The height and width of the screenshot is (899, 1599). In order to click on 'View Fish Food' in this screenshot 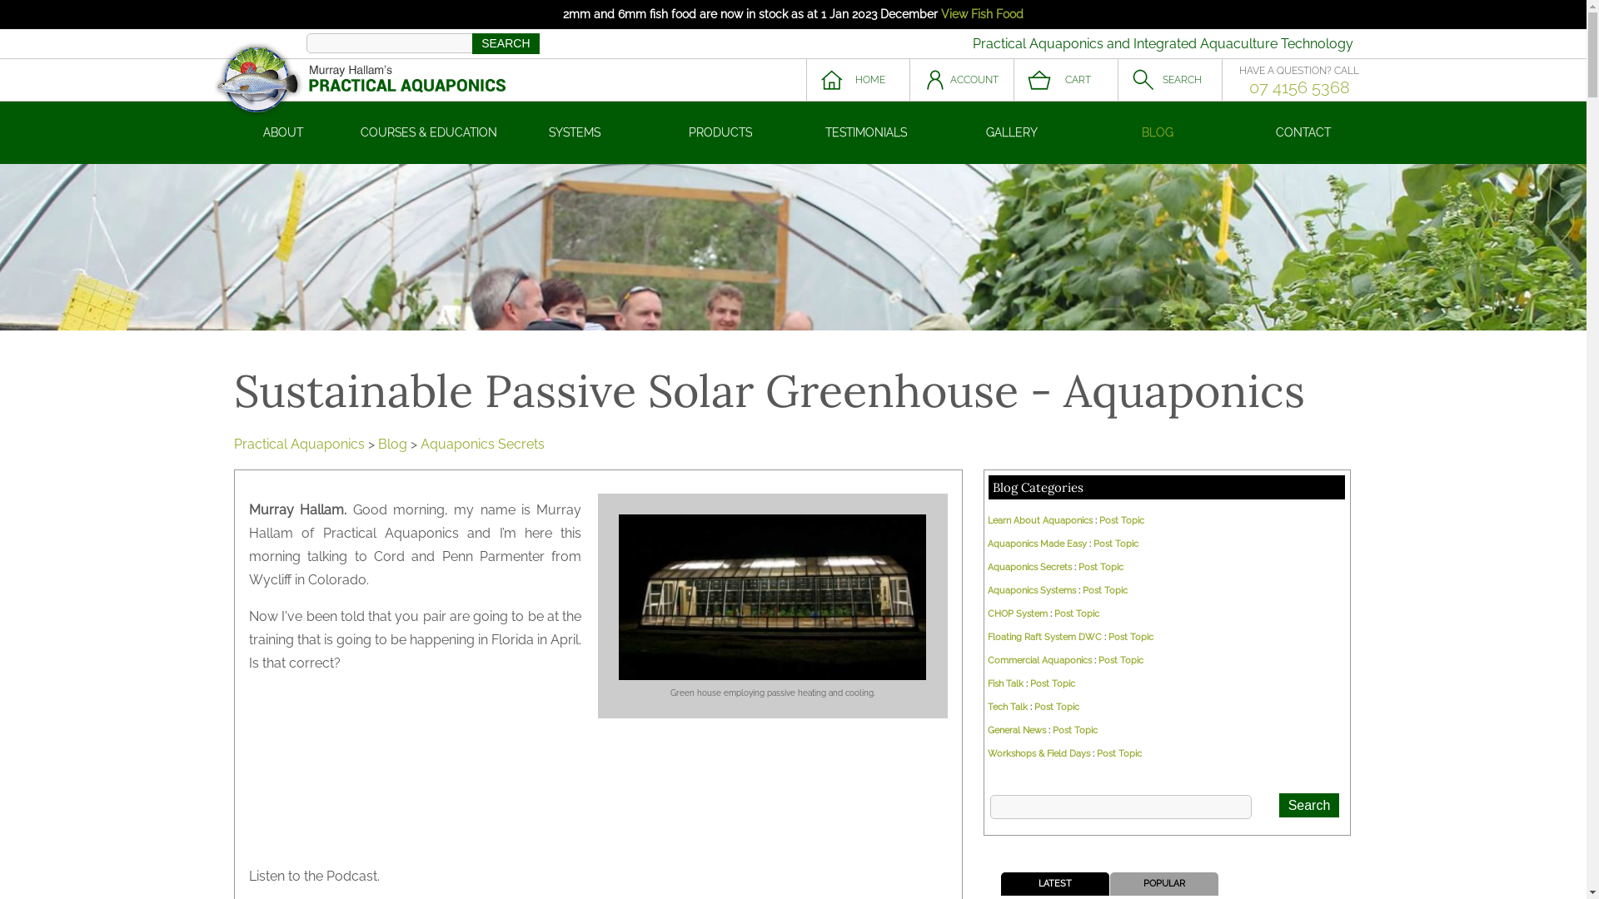, I will do `click(982, 13)`.